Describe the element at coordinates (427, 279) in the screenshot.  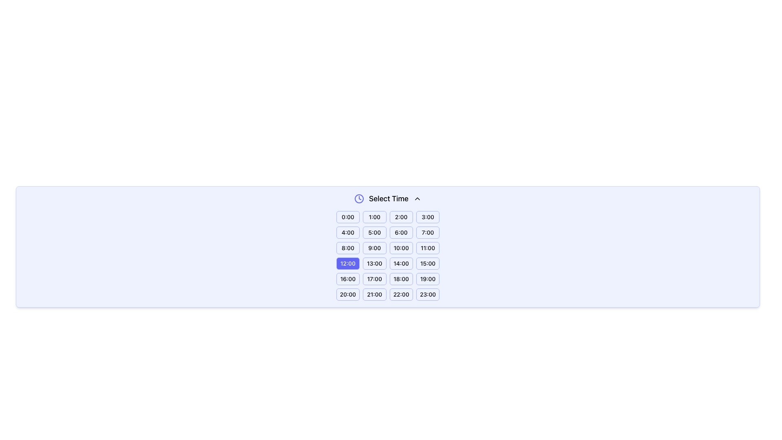
I see `the button in the fifth row and fourth column of the time selection grid` at that location.